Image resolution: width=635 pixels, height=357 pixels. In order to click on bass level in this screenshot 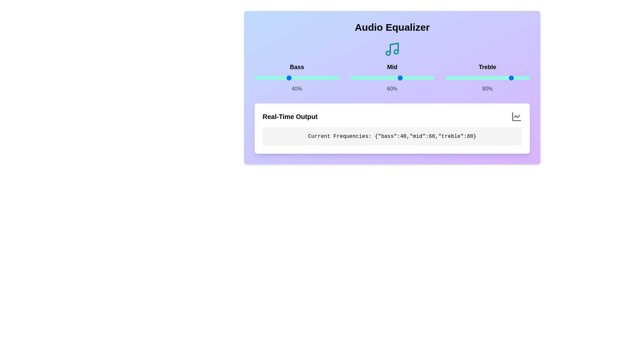, I will do `click(266, 77)`.